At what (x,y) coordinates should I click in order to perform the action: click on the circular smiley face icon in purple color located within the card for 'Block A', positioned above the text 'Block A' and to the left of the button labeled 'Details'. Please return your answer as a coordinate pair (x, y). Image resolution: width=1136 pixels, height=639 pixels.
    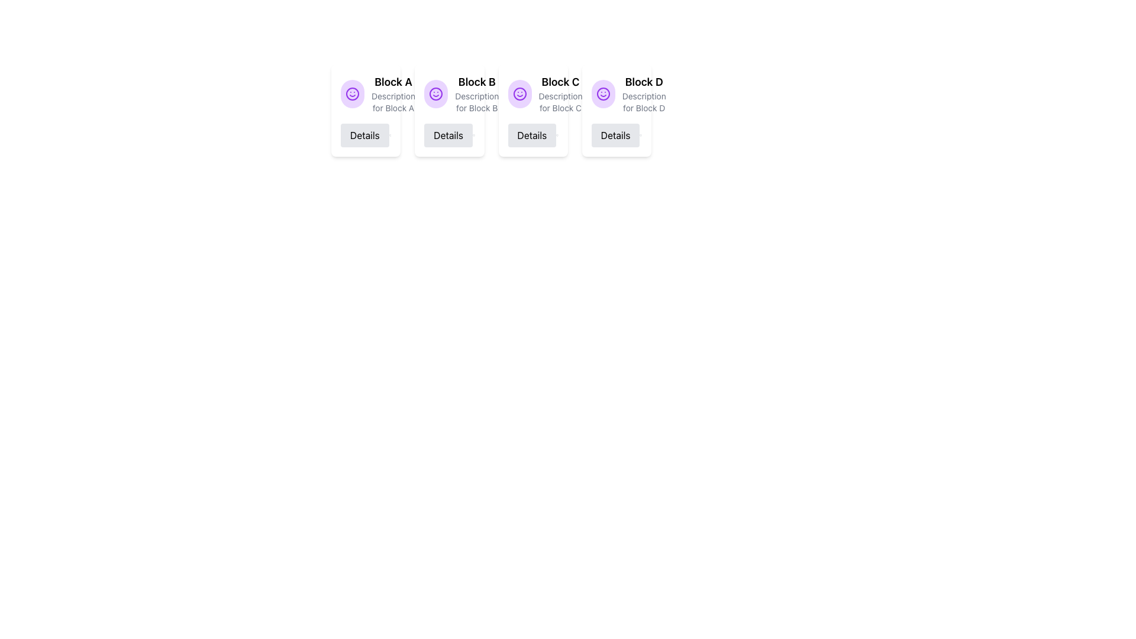
    Looking at the image, I should click on (351, 93).